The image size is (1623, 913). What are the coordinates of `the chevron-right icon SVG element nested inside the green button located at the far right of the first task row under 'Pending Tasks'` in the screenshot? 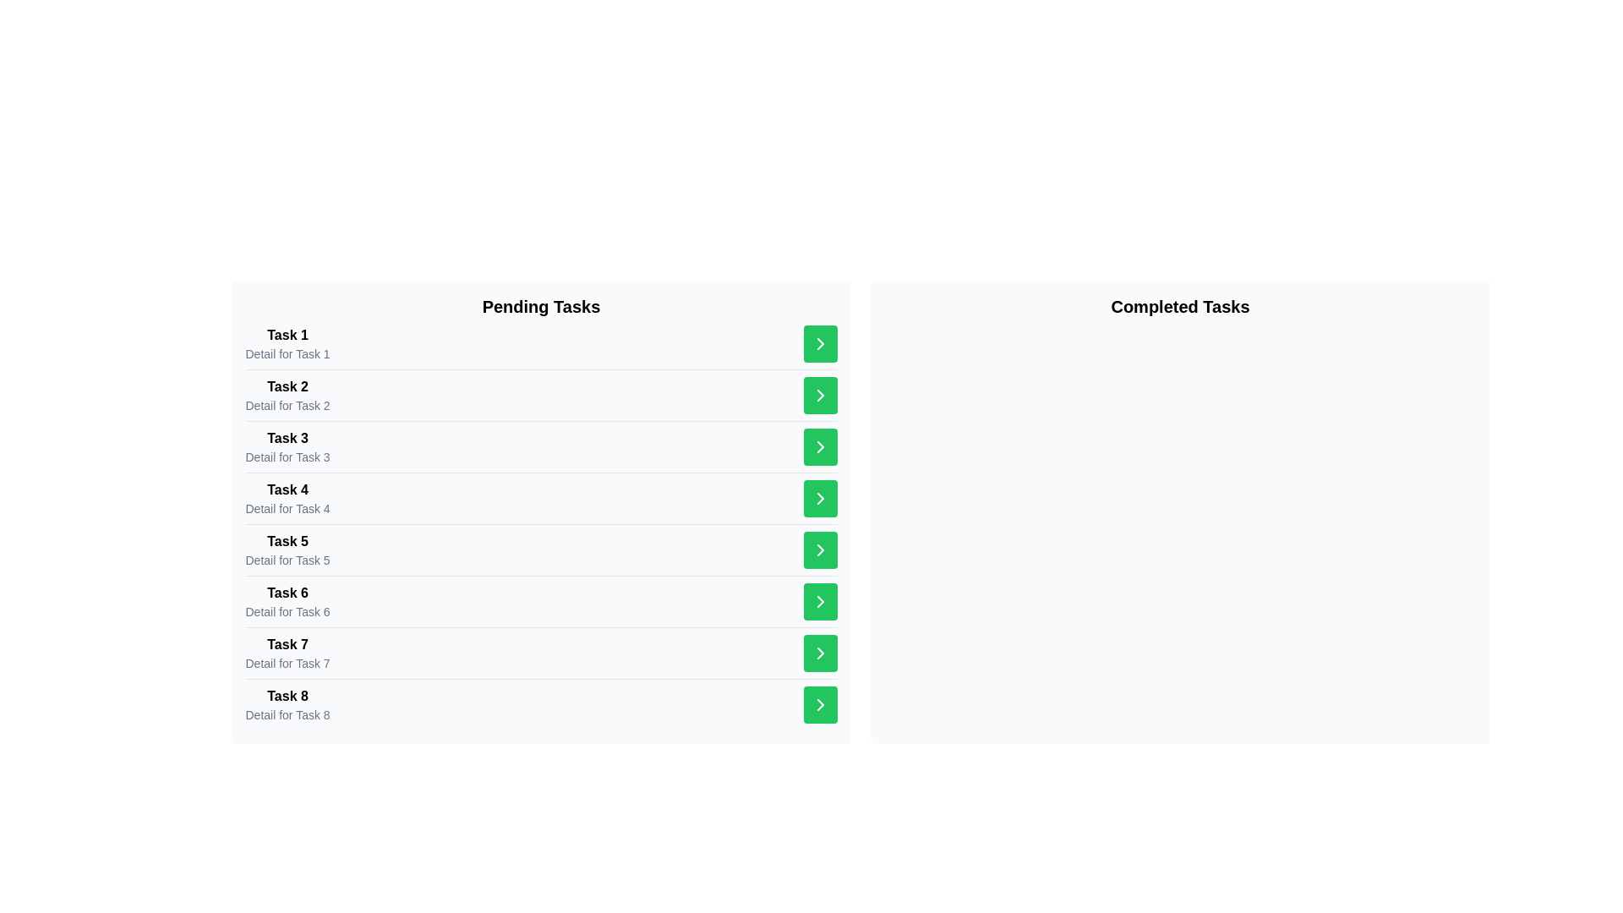 It's located at (820, 343).